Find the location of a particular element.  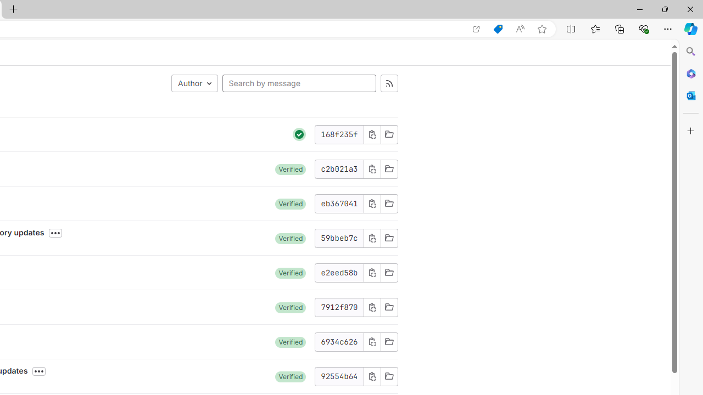

'Open in app' is located at coordinates (476, 29).